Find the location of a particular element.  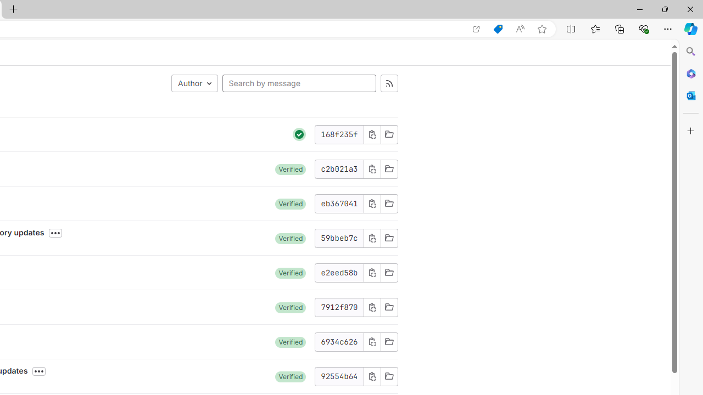

'Open in app' is located at coordinates (476, 29).